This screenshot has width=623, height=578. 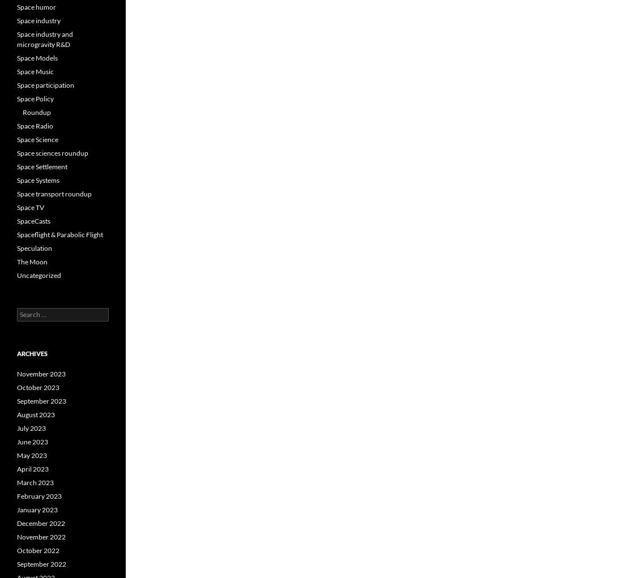 I want to click on 'June 2023', so click(x=32, y=442).